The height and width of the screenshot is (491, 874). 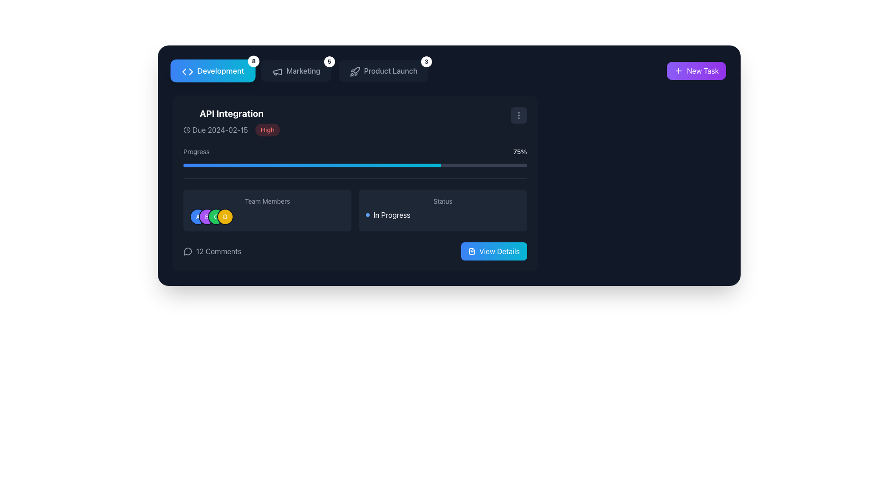 What do you see at coordinates (354, 71) in the screenshot?
I see `the rocket-shaped icon, which is a minimalistic light gray icon located in the navigation bar near the top center of the interface, positioned between the envelope-shaped icon labeled 'Marketing' and the text '3'` at bounding box center [354, 71].